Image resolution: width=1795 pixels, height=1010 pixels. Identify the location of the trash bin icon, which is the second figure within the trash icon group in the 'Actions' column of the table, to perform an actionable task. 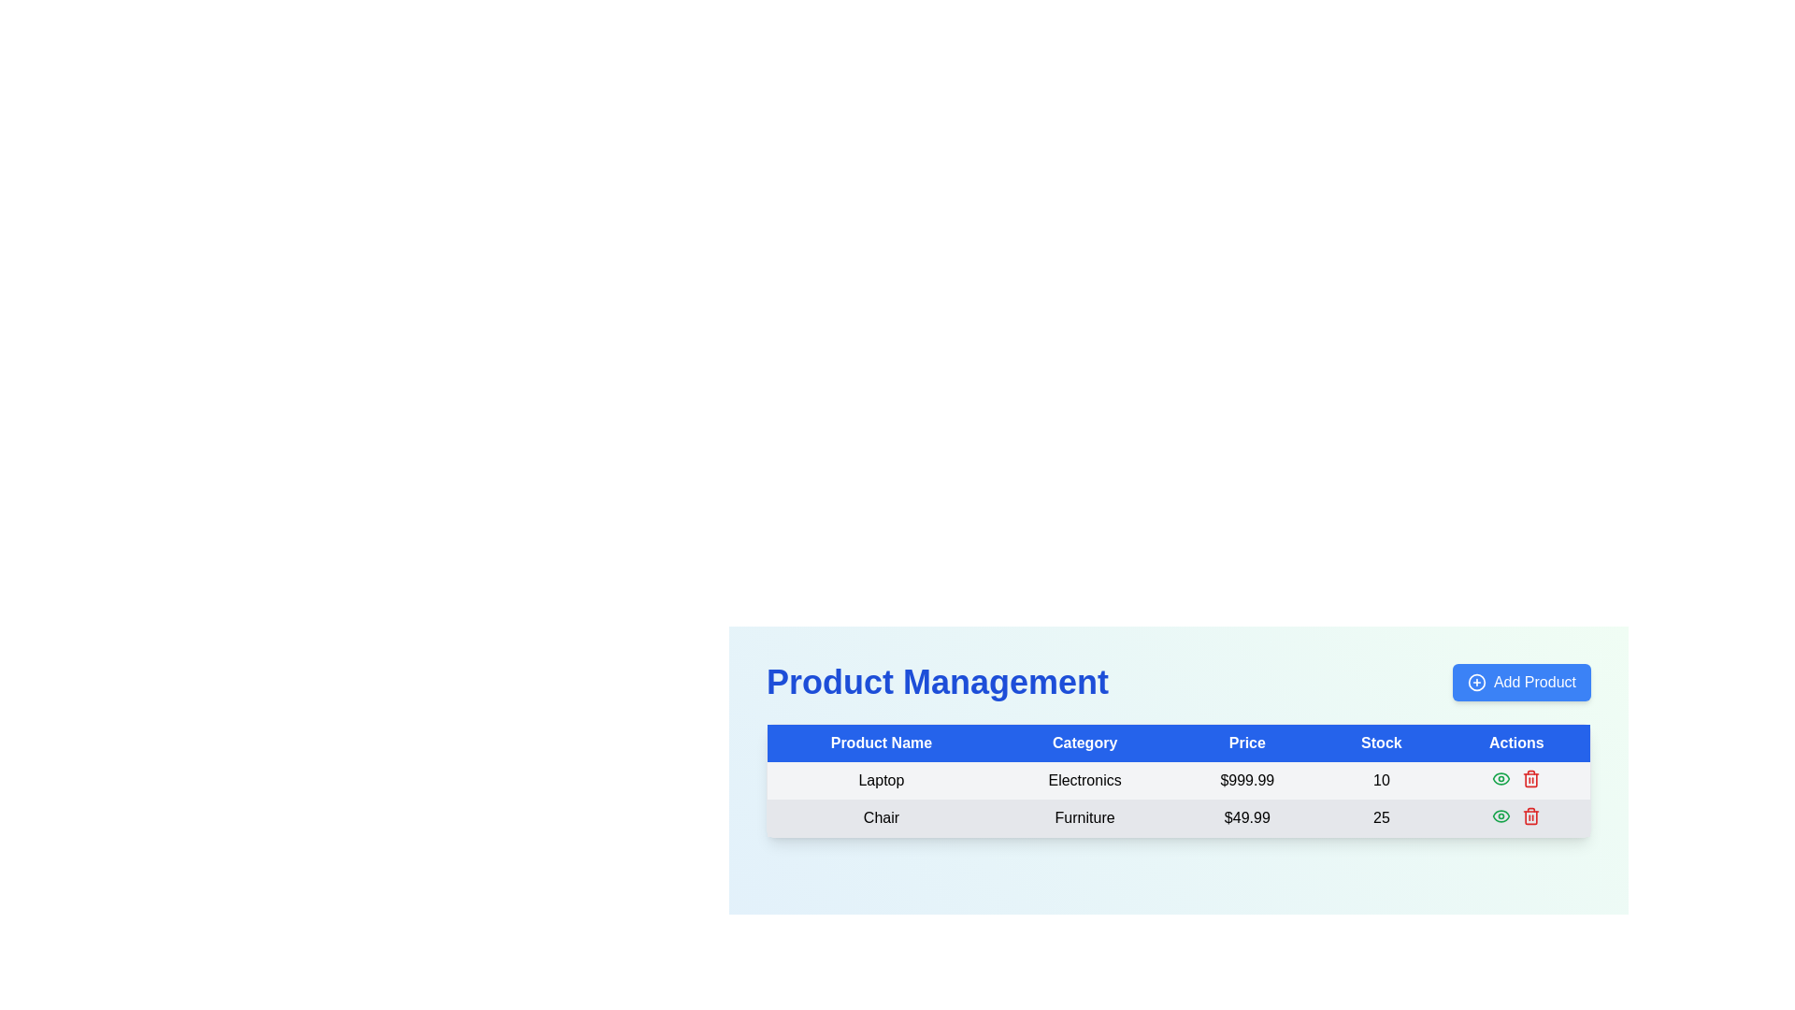
(1530, 779).